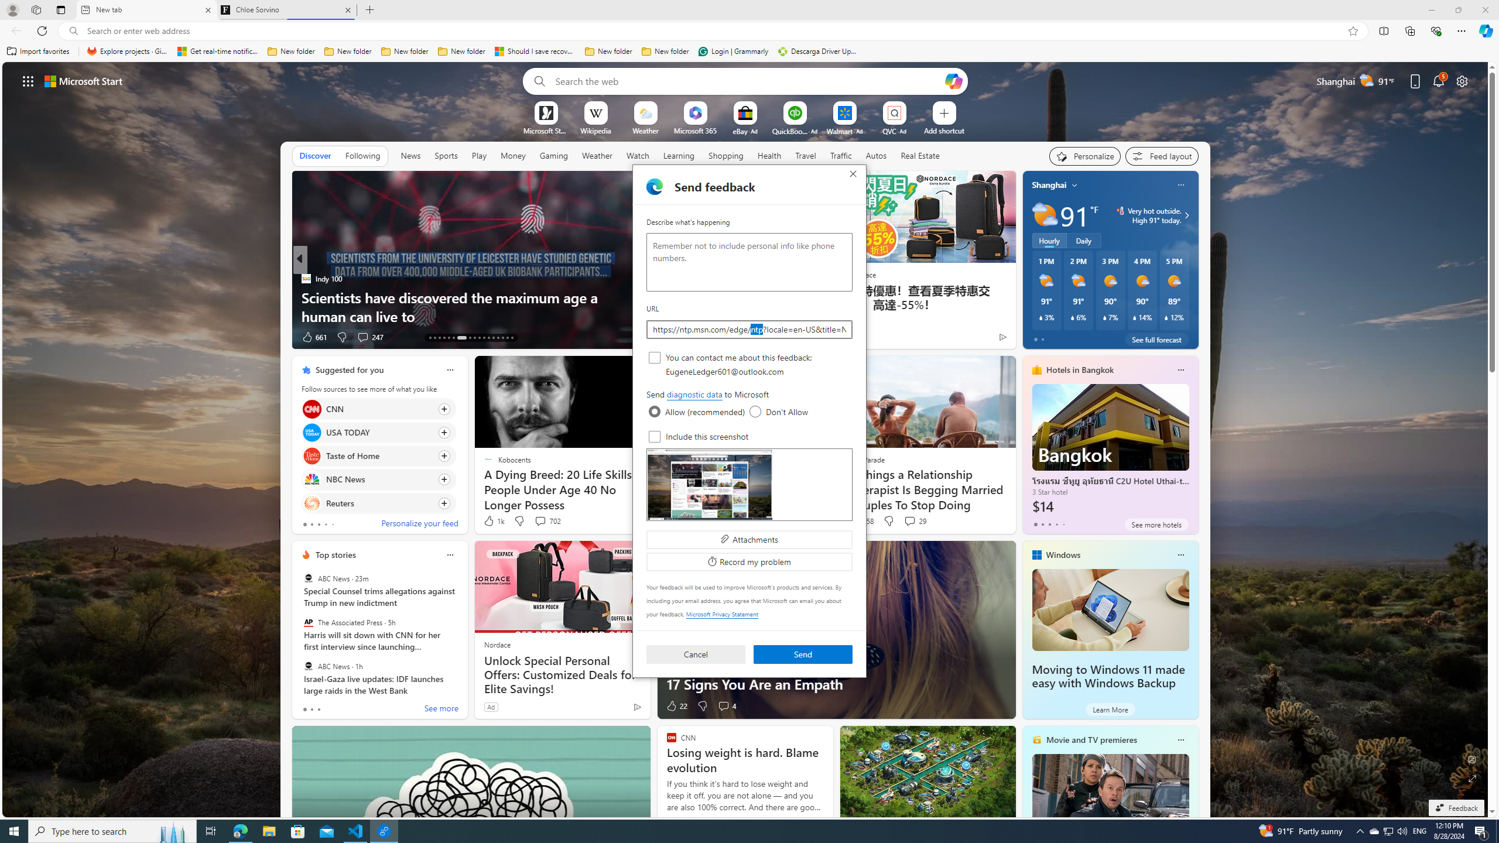  What do you see at coordinates (676, 706) in the screenshot?
I see `'22 Like'` at bounding box center [676, 706].